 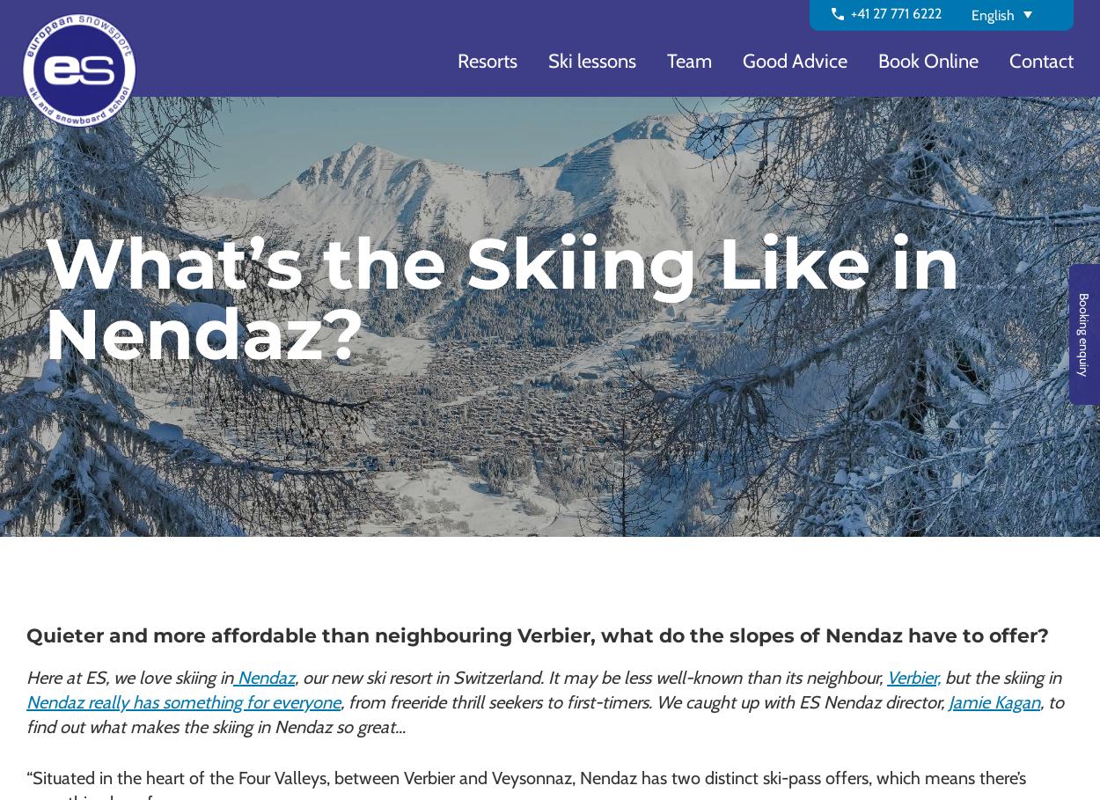 What do you see at coordinates (795, 61) in the screenshot?
I see `'Good Advice'` at bounding box center [795, 61].